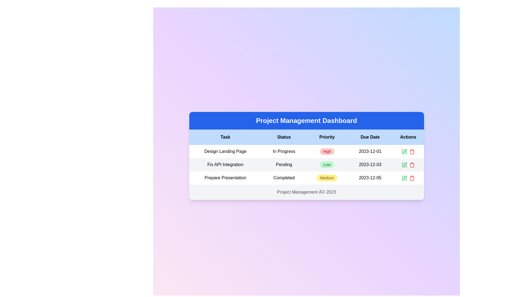 This screenshot has width=529, height=297. Describe the element at coordinates (225, 164) in the screenshot. I see `the text label displaying the name or description of a task in the project management table, located in the second row under the 'Task' column, to the left of the 'Pending' status` at that location.